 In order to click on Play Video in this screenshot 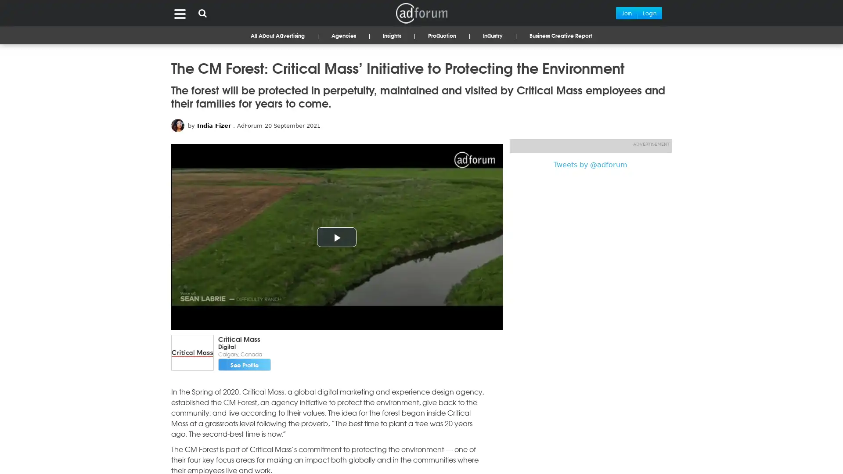, I will do `click(336, 236)`.